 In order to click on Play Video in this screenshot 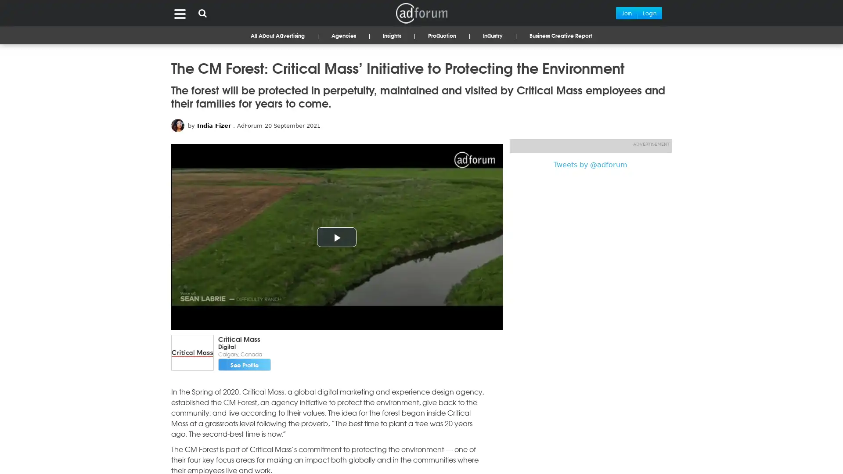, I will do `click(336, 236)`.